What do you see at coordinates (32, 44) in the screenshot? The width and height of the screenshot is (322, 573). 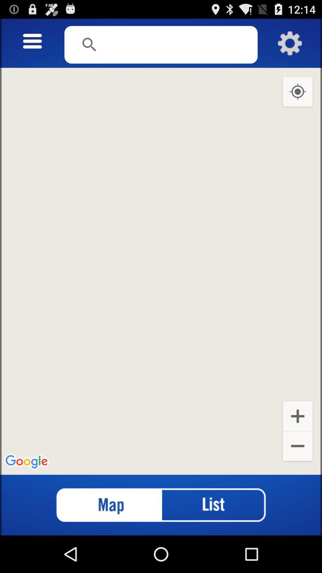 I see `the menu icon` at bounding box center [32, 44].